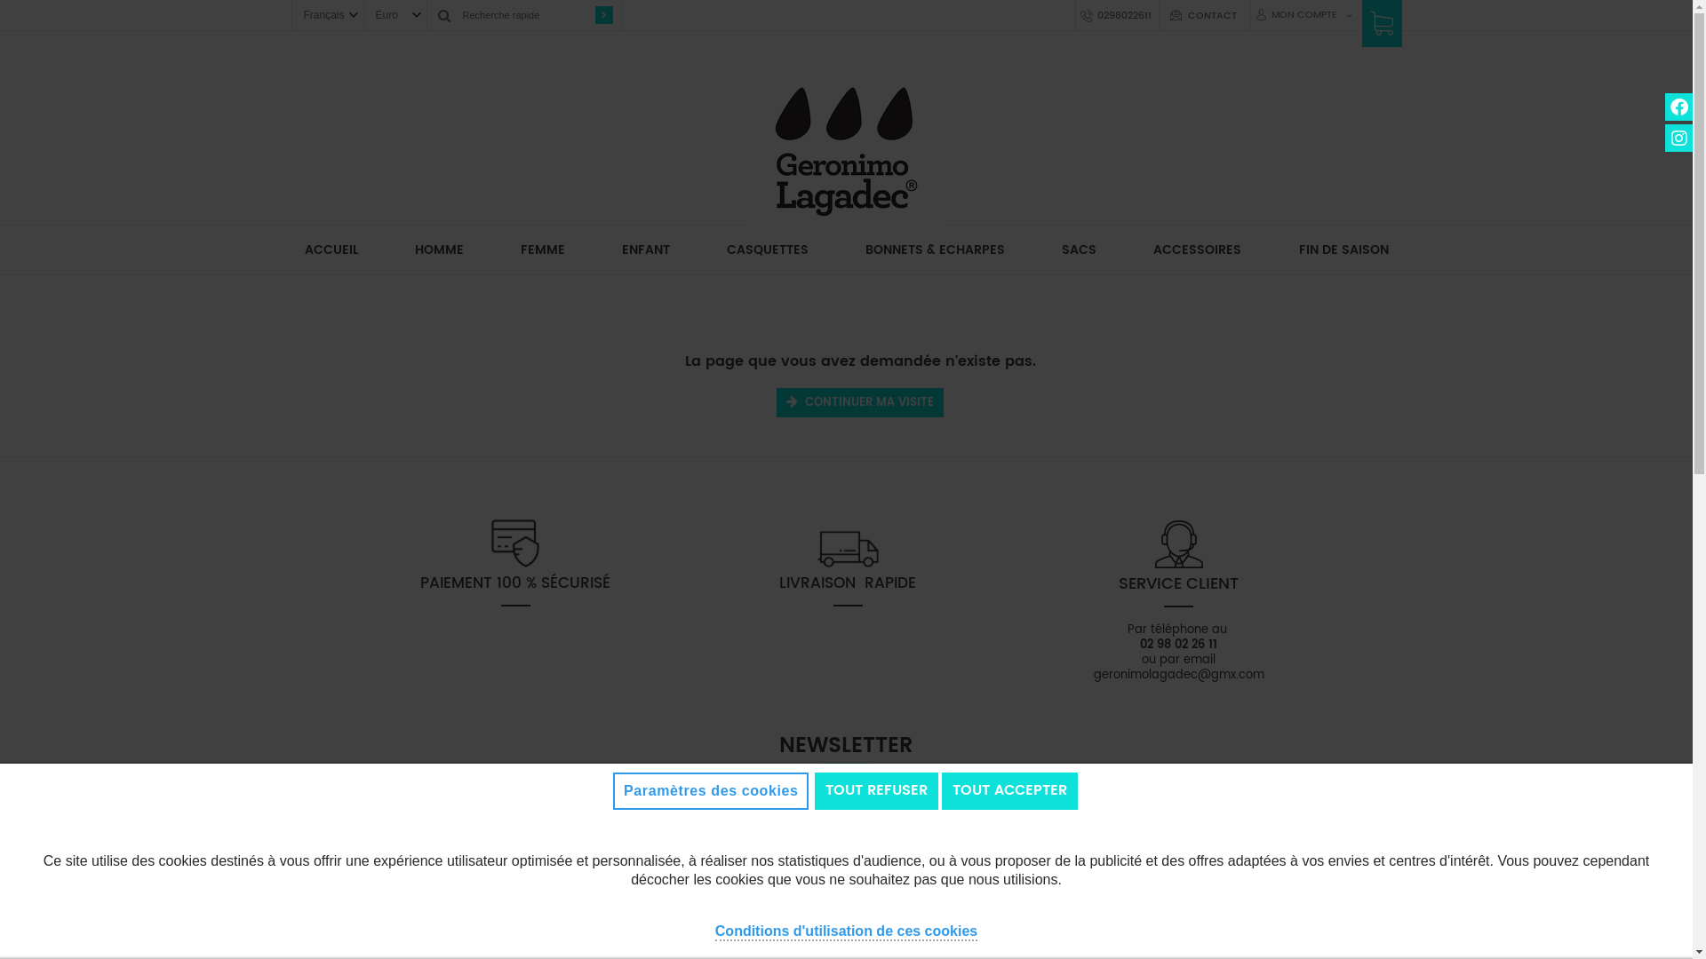 The height and width of the screenshot is (959, 1706). Describe the element at coordinates (860, 402) in the screenshot. I see `'CONTINUER MA VISITE'` at that location.